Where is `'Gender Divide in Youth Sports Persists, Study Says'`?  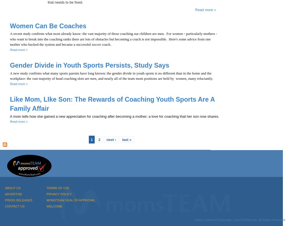
'Gender Divide in Youth Sports Persists, Study Says' is located at coordinates (89, 65).